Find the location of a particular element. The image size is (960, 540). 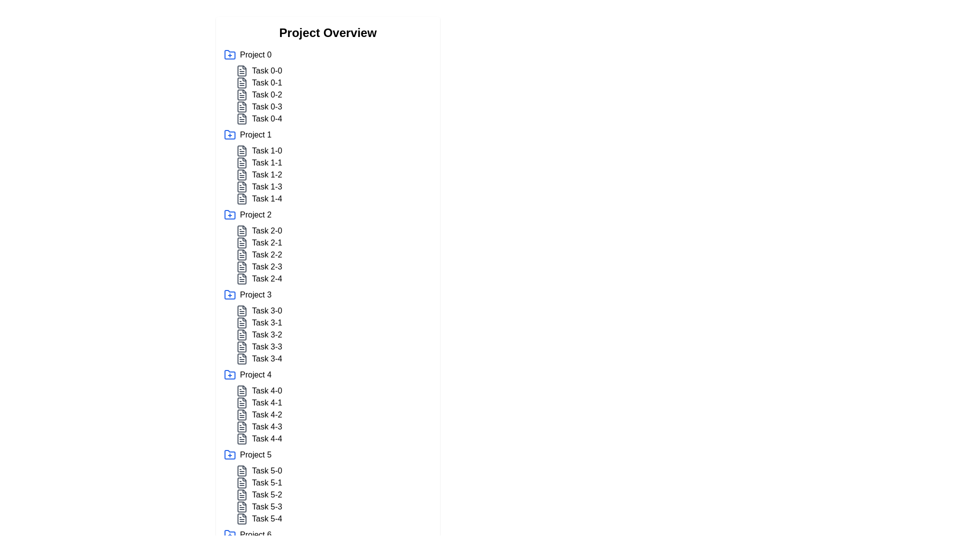

the text label indicating 'Task 5-0', which is the first entry under 'Project 5' in the hierarchy is located at coordinates (267, 470).